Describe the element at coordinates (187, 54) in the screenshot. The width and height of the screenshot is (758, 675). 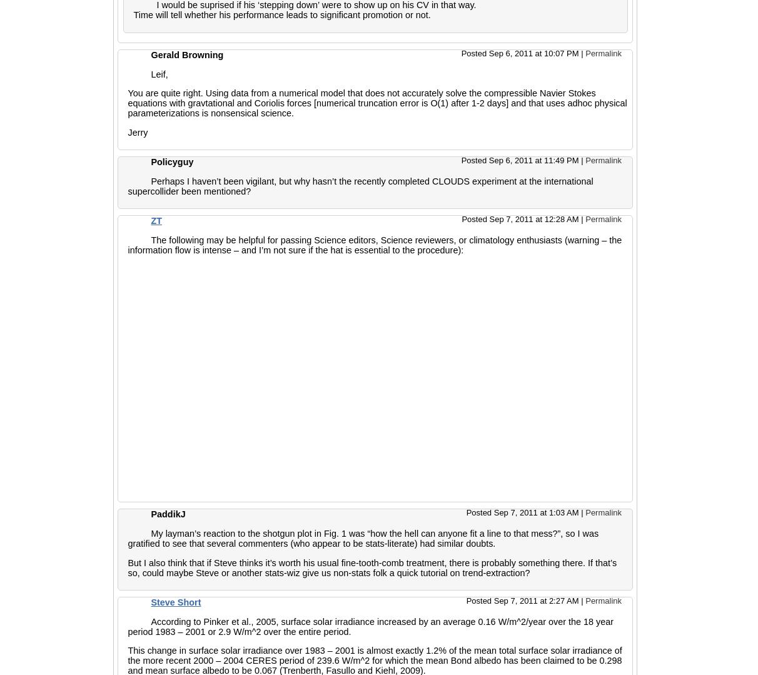
I see `'Gerald Browning'` at that location.